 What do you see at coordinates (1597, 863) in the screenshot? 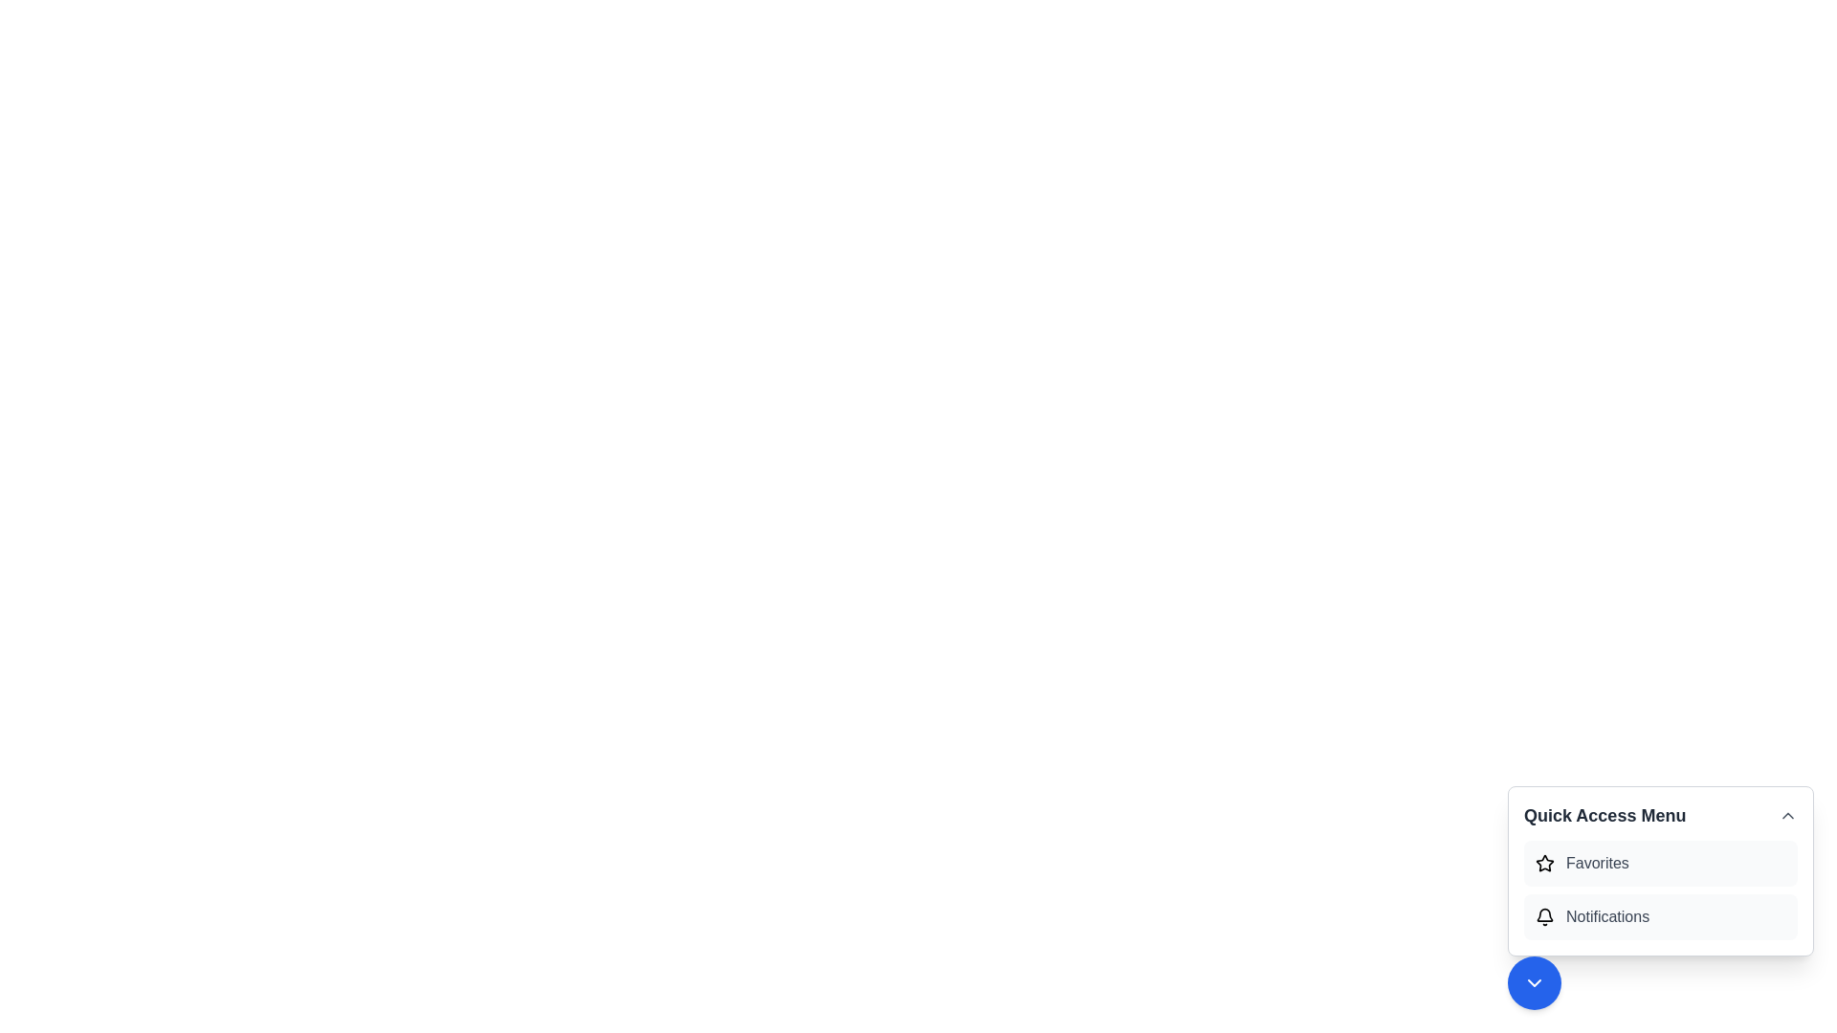
I see `the 'Favorites' label, which is positioned to the right of a star icon in the interactive horizontal menu item with a light gray background` at bounding box center [1597, 863].